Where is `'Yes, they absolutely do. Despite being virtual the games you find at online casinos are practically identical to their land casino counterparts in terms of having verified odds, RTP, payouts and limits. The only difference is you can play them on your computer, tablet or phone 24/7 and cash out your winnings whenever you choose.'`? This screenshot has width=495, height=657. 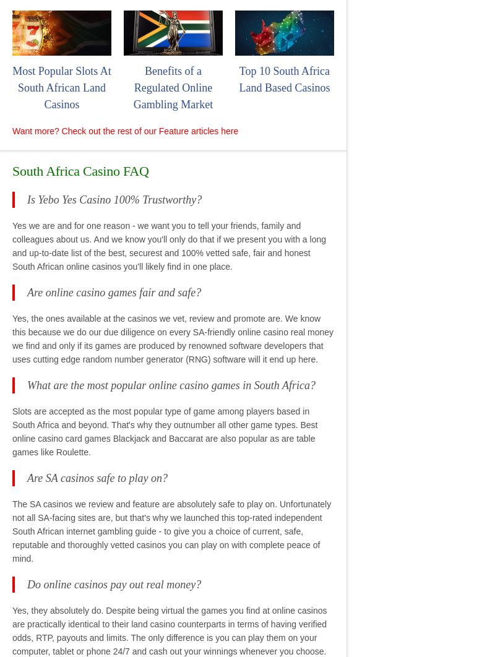
'Yes, they absolutely do. Despite being virtual the games you find at online casinos are practically identical to their land casino counterparts in terms of having verified odds, RTP, payouts and limits. The only difference is you can play them on your computer, tablet or phone 24/7 and cash out your winnings whenever you choose.' is located at coordinates (170, 629).